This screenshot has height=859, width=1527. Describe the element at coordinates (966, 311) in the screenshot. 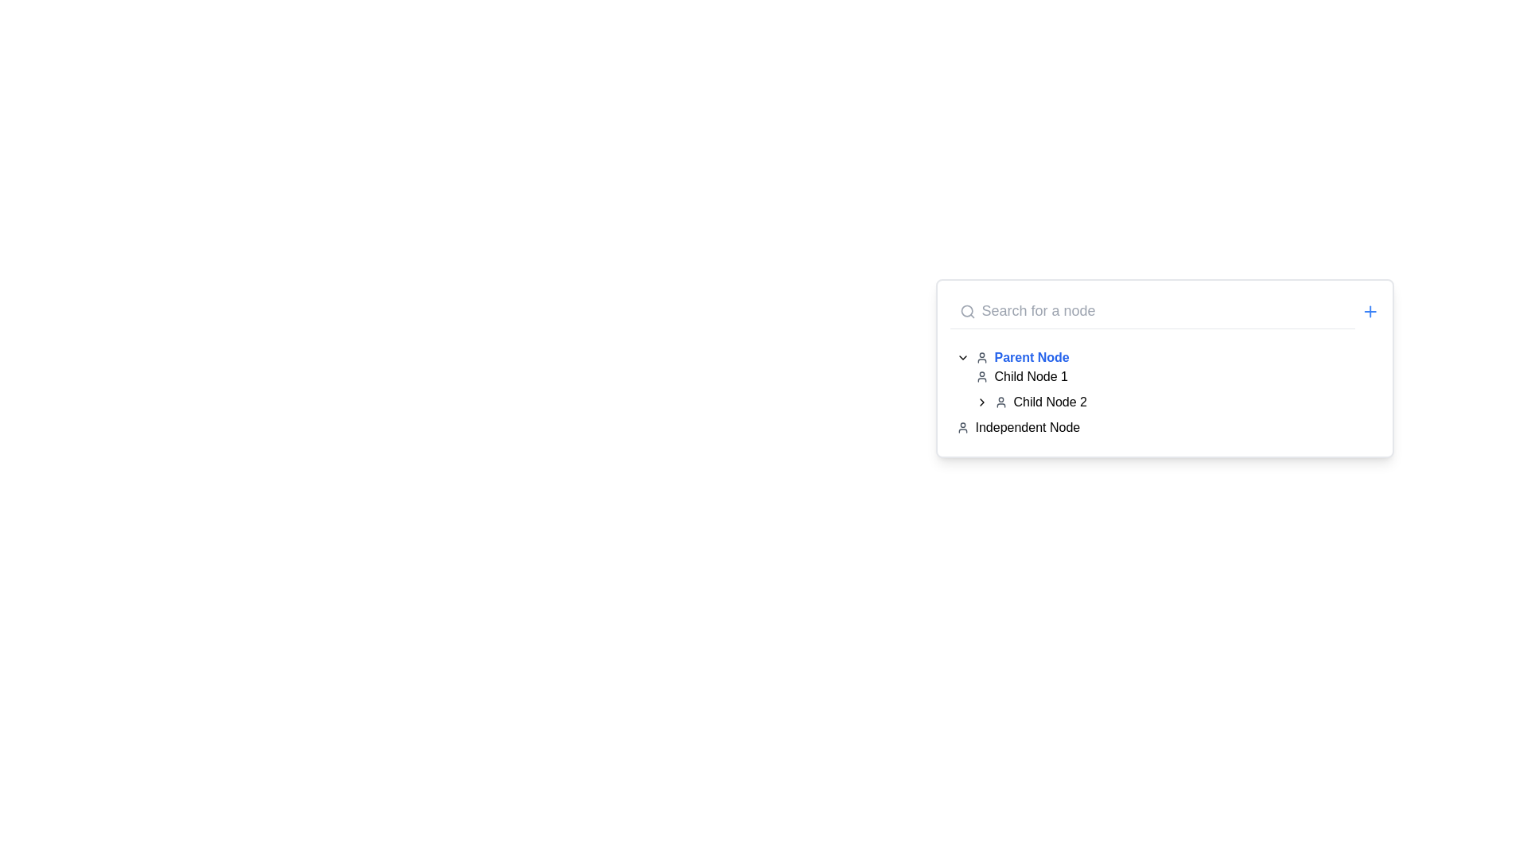

I see `the search icon located on the left side of the input bar` at that location.